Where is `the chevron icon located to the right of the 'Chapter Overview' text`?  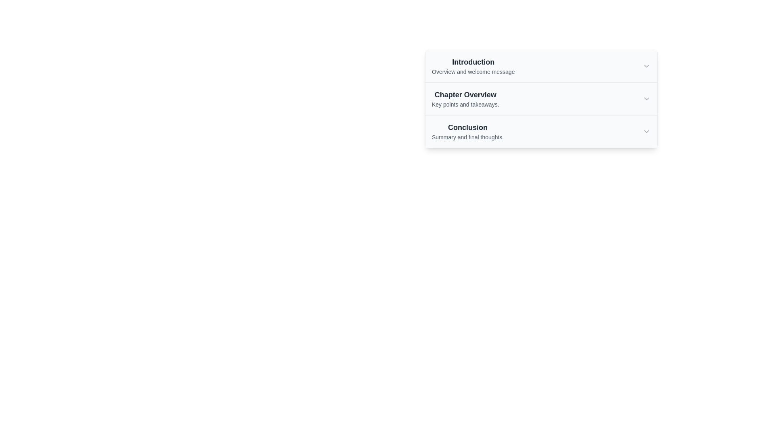 the chevron icon located to the right of the 'Chapter Overview' text is located at coordinates (647, 99).